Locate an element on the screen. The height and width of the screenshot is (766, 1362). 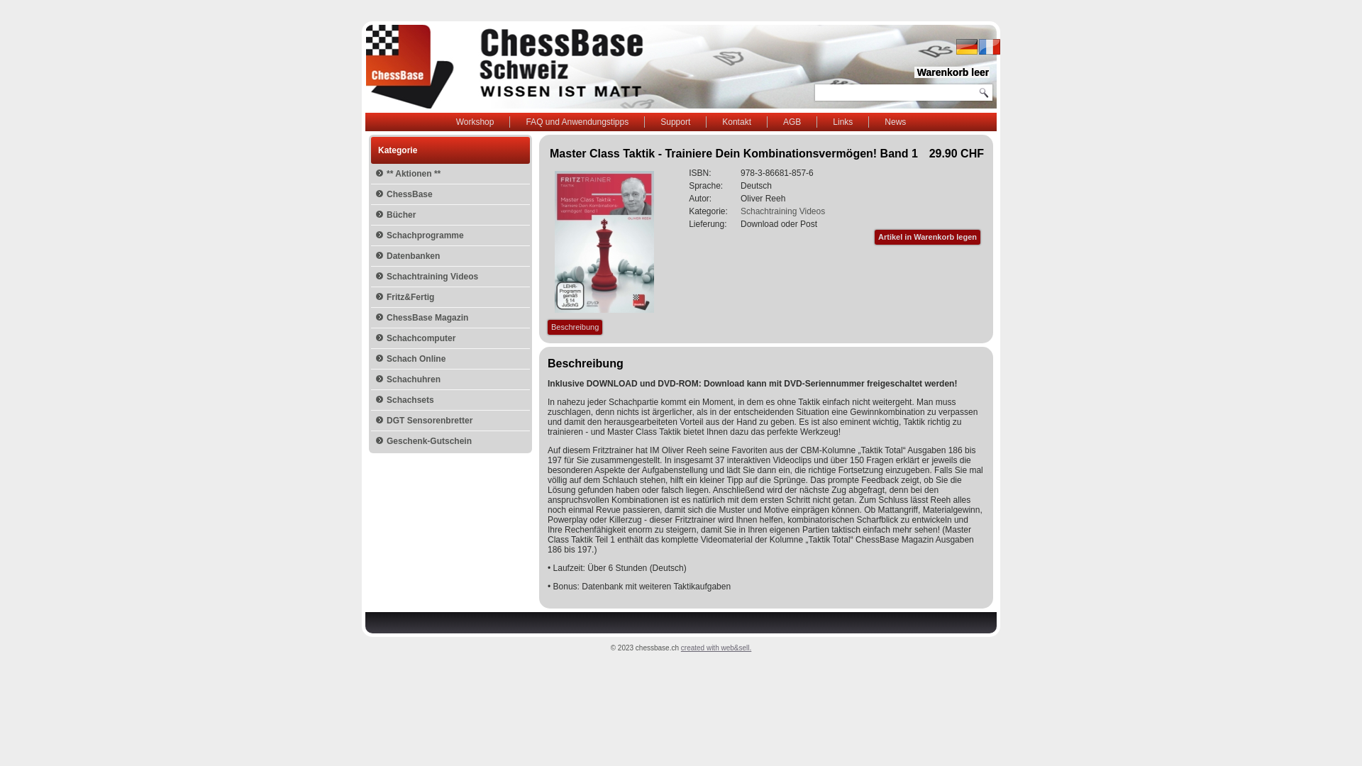
'DGT Sensorenbretter' is located at coordinates (449, 420).